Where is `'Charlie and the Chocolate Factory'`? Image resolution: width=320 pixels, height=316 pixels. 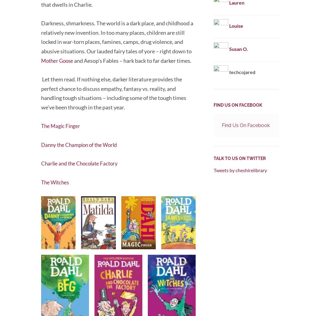 'Charlie and the Chocolate Factory' is located at coordinates (81, 162).